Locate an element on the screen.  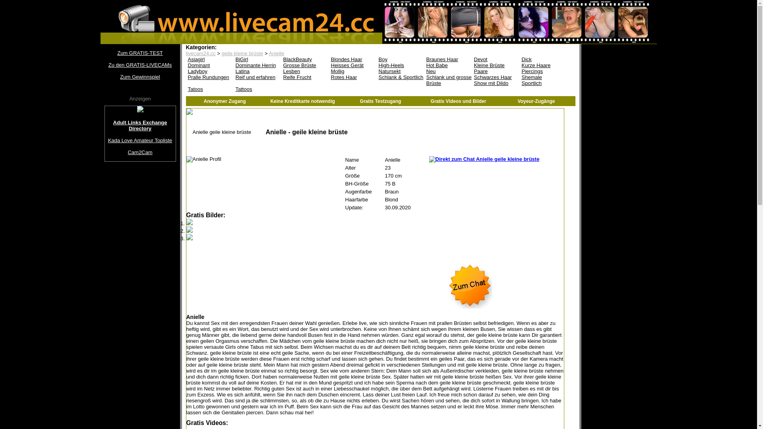
'Neu' is located at coordinates (448, 71).